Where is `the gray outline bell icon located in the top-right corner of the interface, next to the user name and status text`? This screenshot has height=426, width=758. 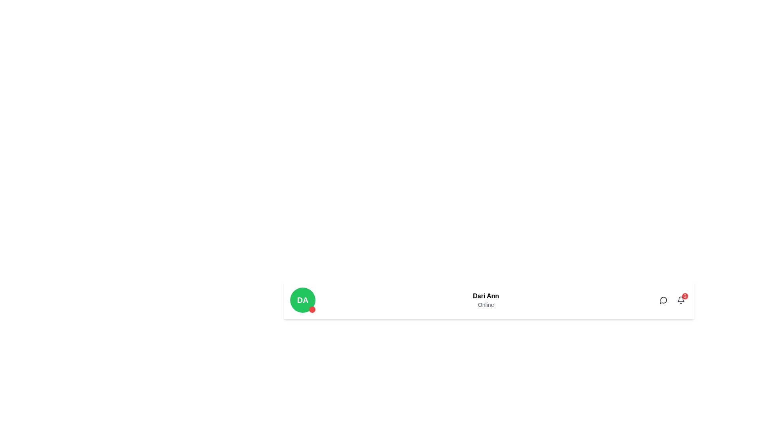
the gray outline bell icon located in the top-right corner of the interface, next to the user name and status text is located at coordinates (680, 299).